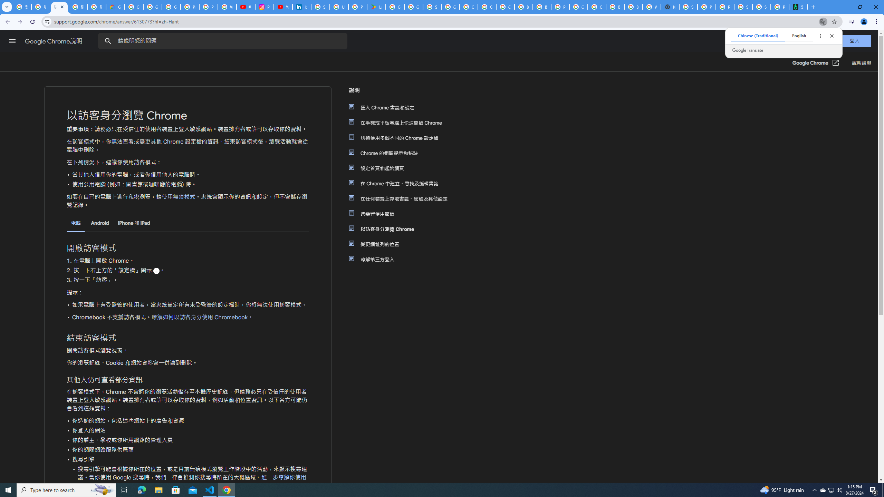 The width and height of the screenshot is (884, 497). What do you see at coordinates (597, 7) in the screenshot?
I see `'Google Cloud Platform'` at bounding box center [597, 7].